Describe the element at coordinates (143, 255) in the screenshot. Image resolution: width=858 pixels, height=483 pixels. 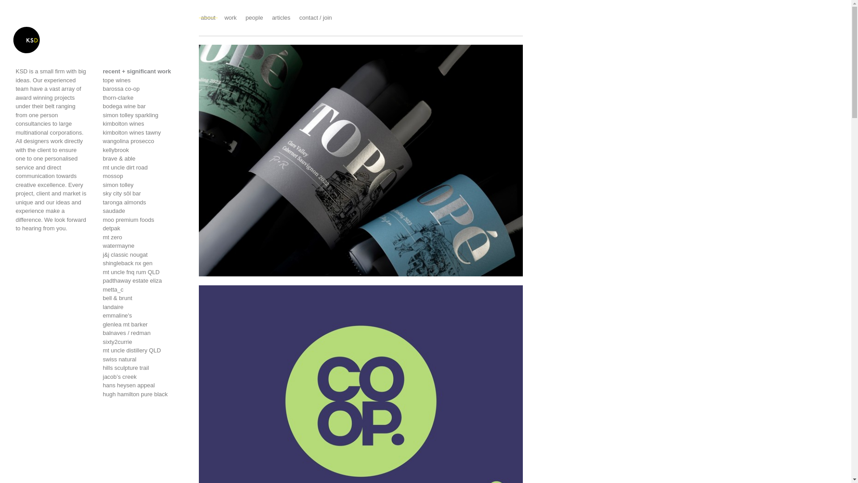
I see `'j&j classic nougat'` at that location.